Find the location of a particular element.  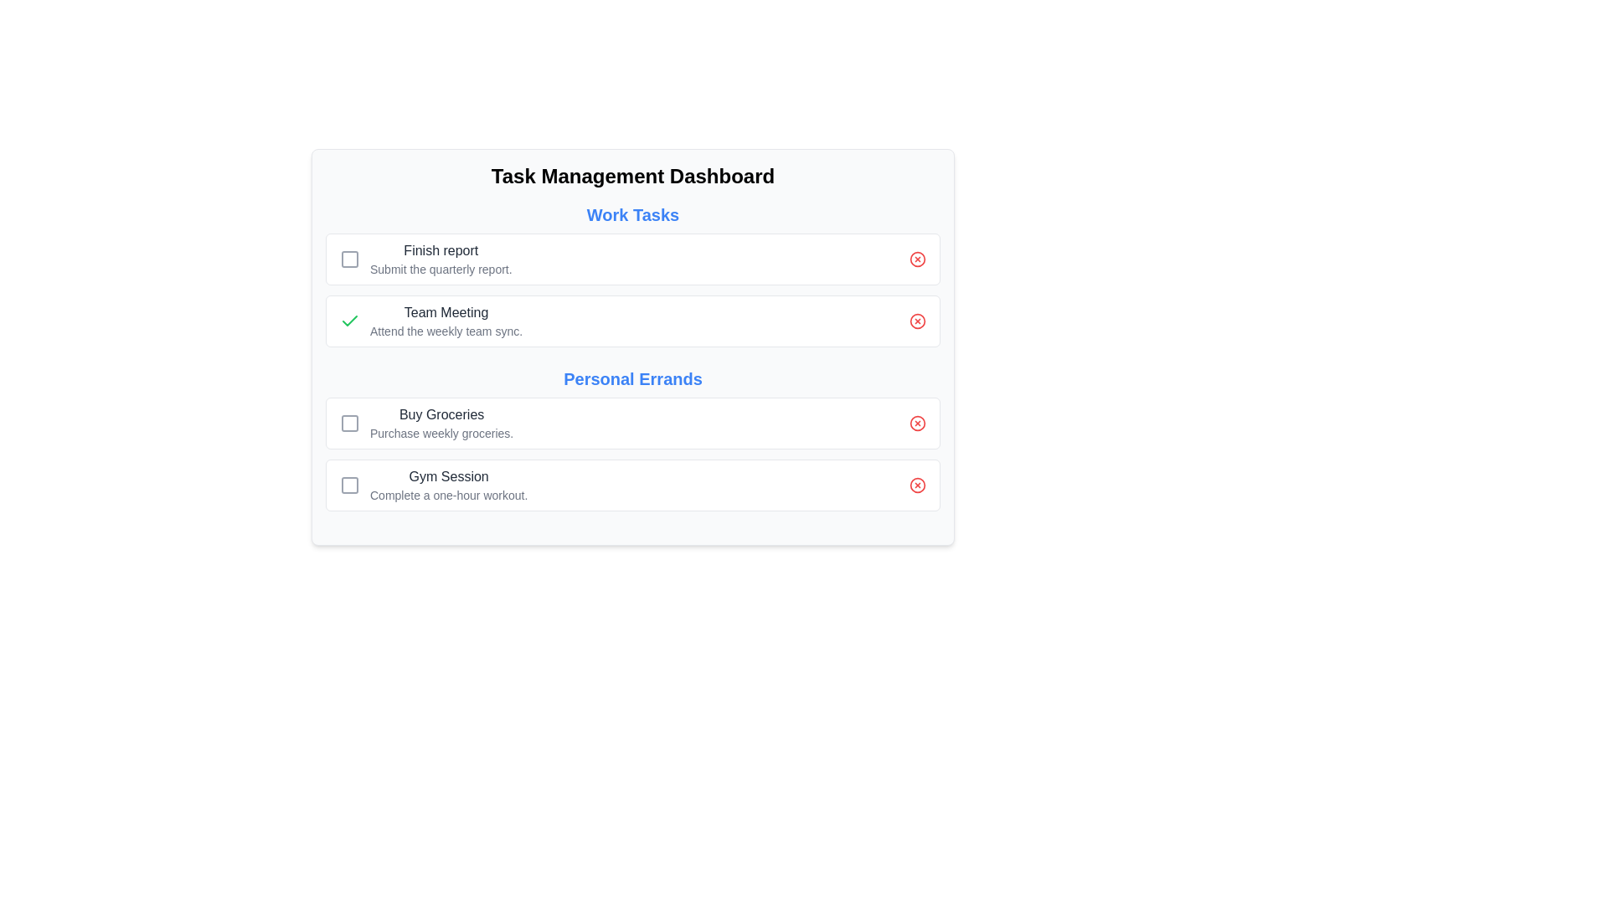

the green checkmark located to the left of the 'Team Meeting' task item to mark it as completed is located at coordinates (631, 321).